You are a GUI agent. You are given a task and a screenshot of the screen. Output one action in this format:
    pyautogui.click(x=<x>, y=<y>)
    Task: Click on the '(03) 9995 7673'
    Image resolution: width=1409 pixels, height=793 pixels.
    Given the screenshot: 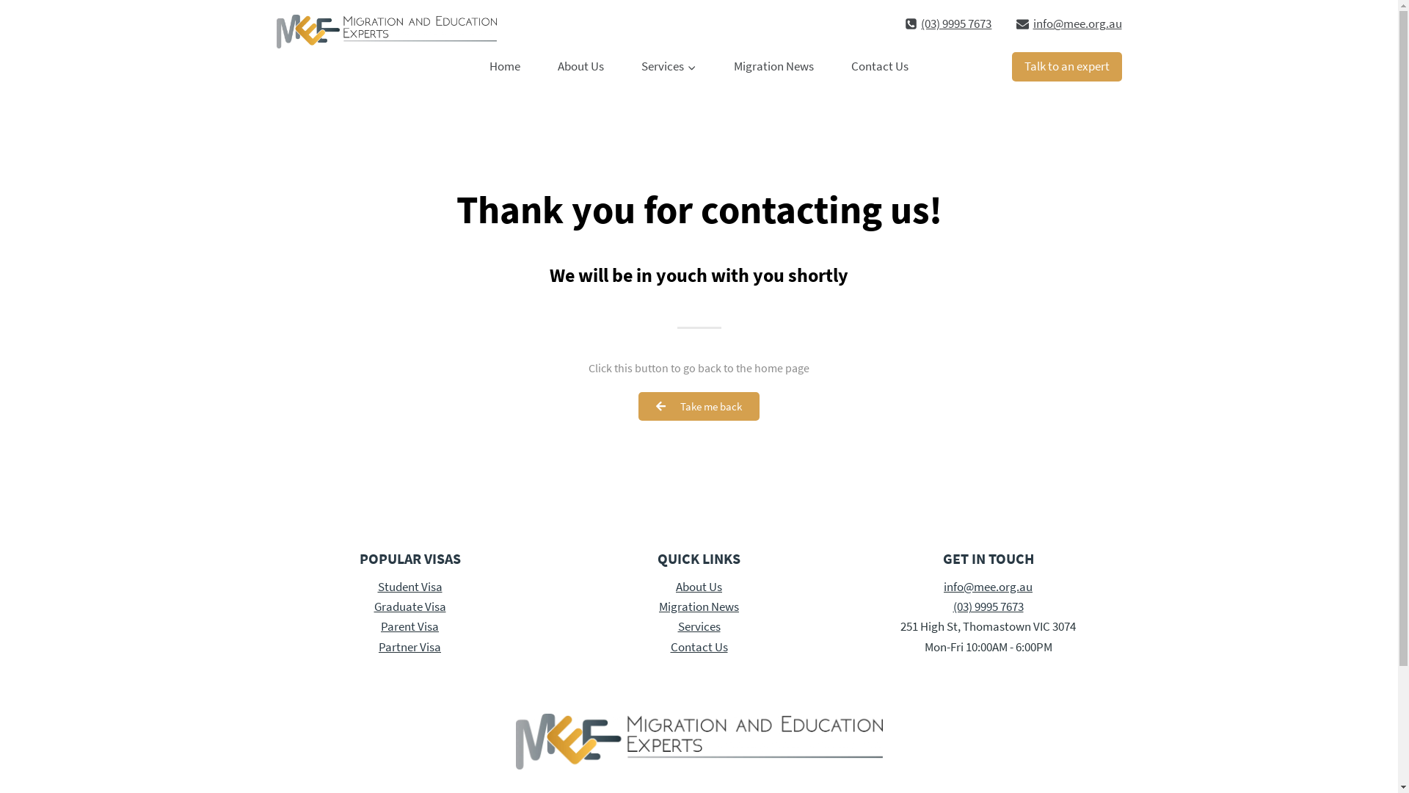 What is the action you would take?
    pyautogui.click(x=947, y=23)
    